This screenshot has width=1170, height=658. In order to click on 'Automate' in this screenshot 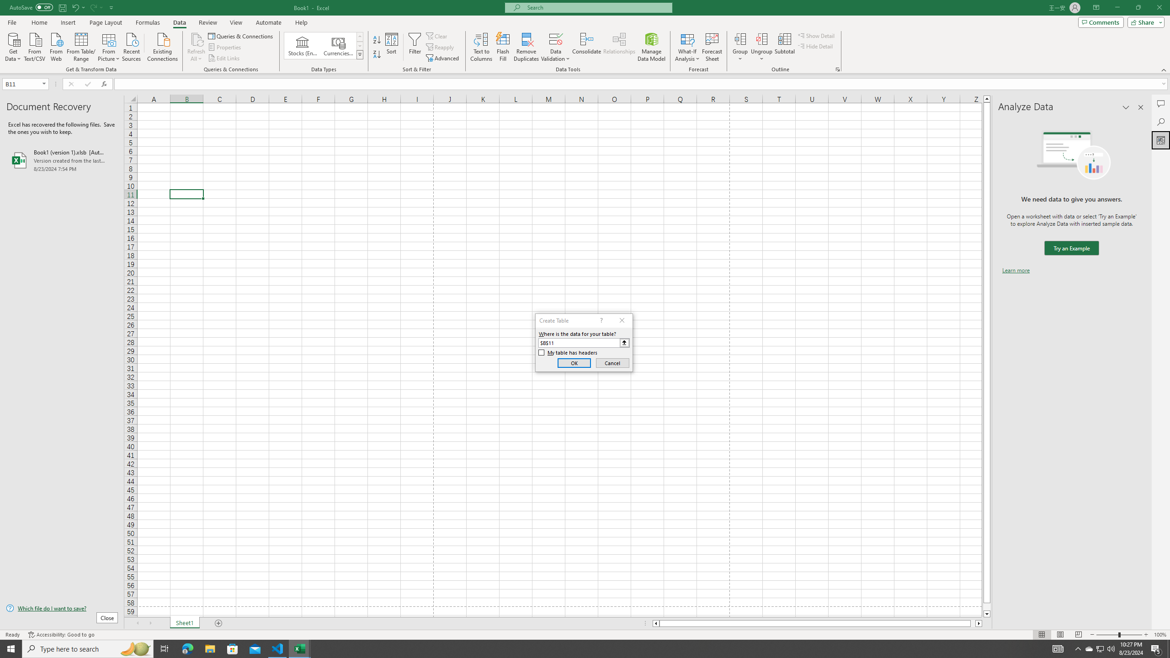, I will do `click(268, 22)`.